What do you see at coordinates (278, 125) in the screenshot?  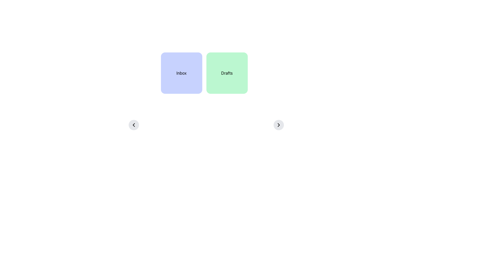 I see `the circular button with a light gray background and a right-pointing black chevron icon` at bounding box center [278, 125].